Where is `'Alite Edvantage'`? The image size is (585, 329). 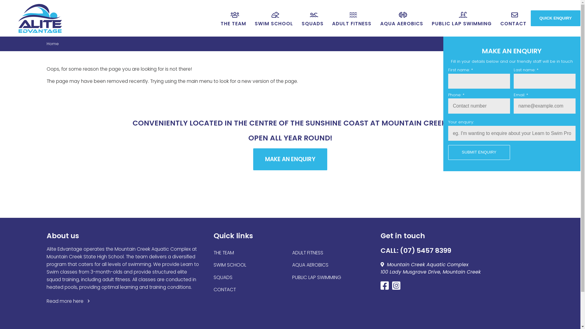 'Alite Edvantage' is located at coordinates (40, 18).